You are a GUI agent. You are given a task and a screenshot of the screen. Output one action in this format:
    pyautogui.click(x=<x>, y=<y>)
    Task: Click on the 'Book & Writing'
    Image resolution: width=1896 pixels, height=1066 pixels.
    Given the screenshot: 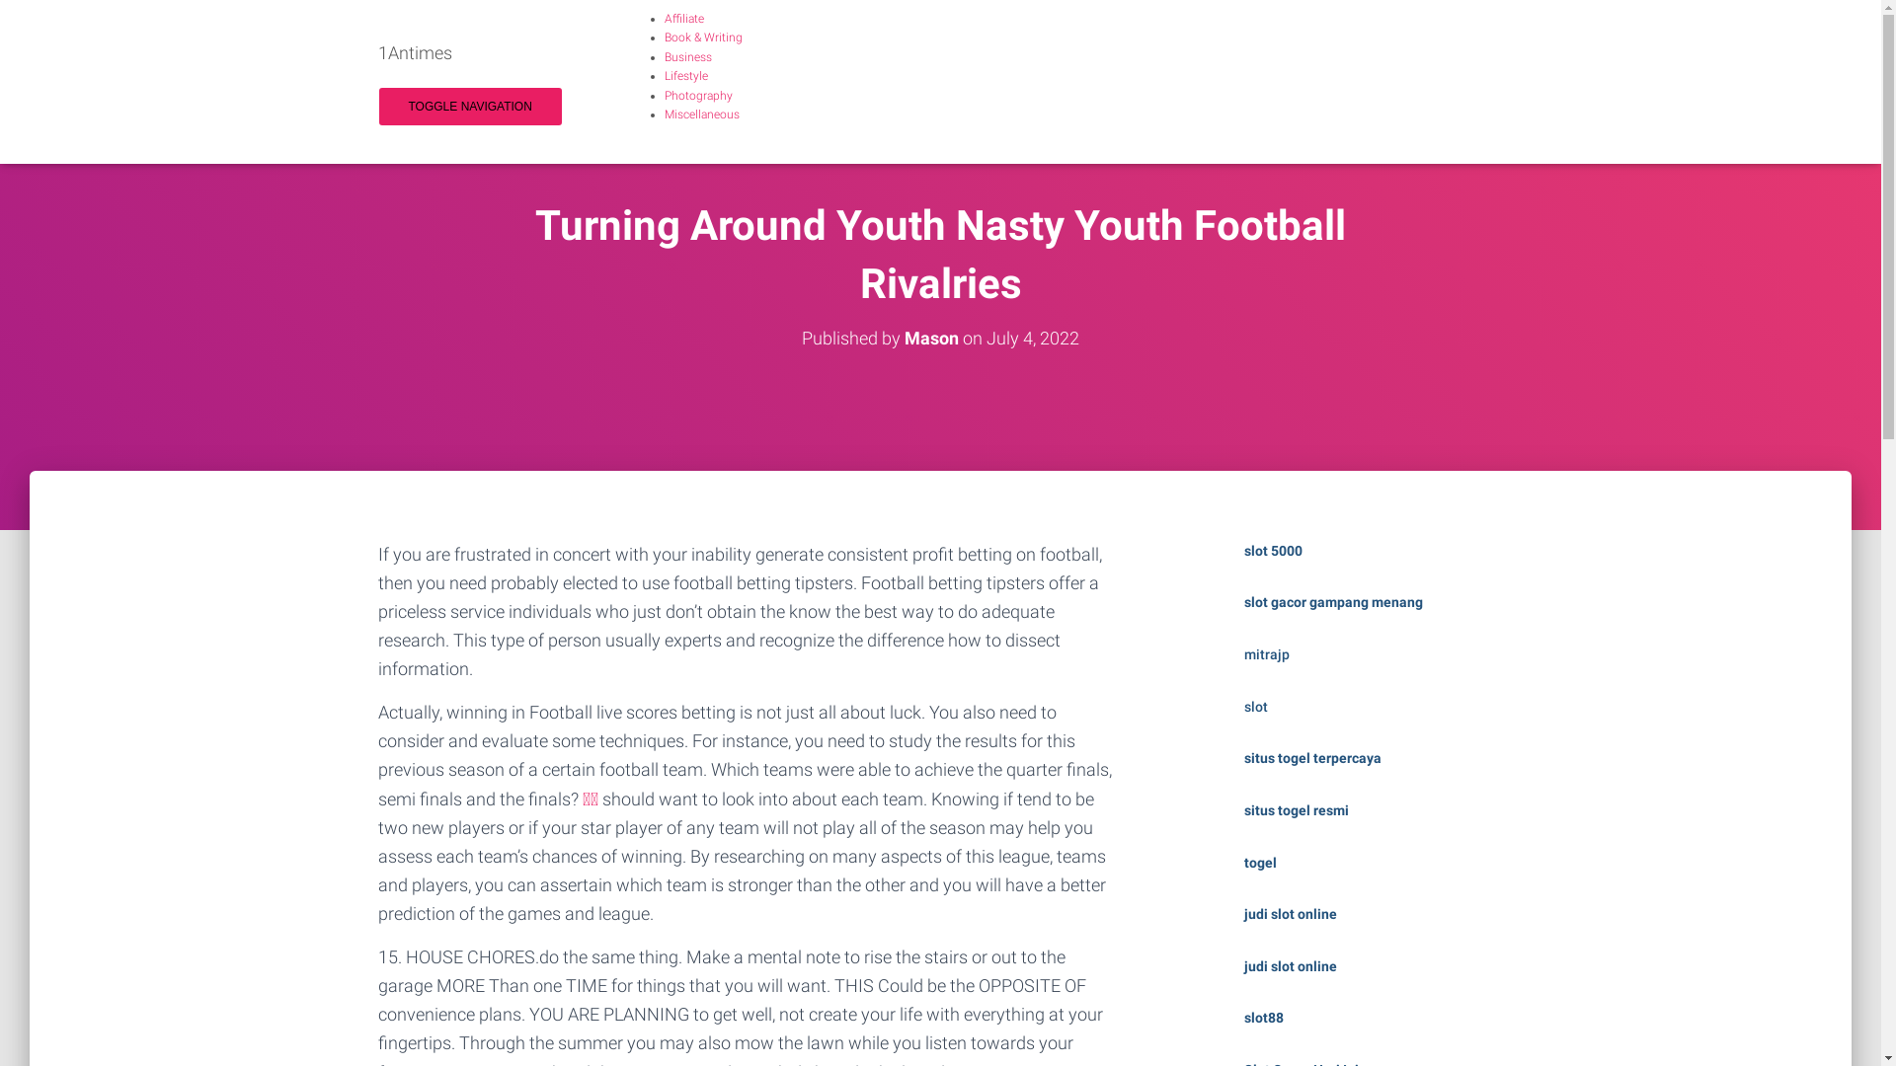 What is the action you would take?
    pyautogui.click(x=664, y=38)
    